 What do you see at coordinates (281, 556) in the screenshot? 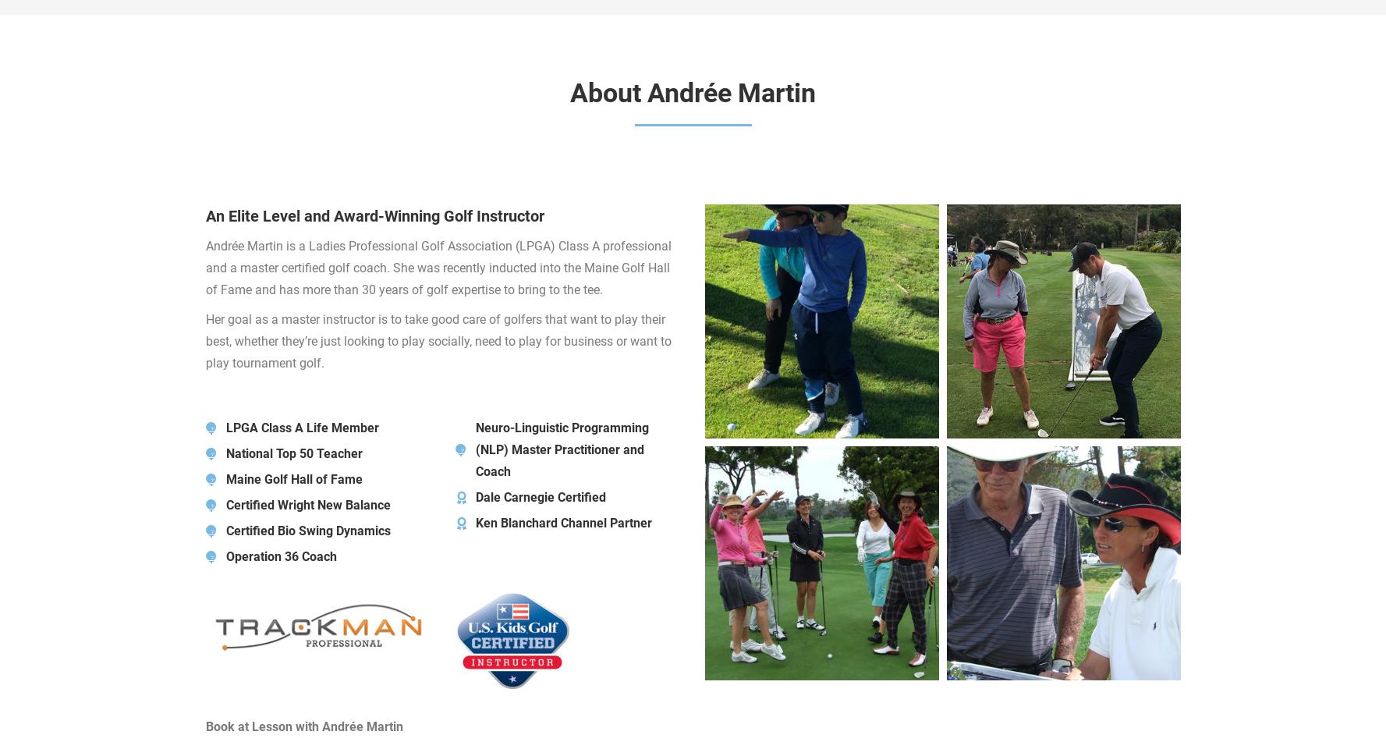
I see `'Operation 36 Coach'` at bounding box center [281, 556].